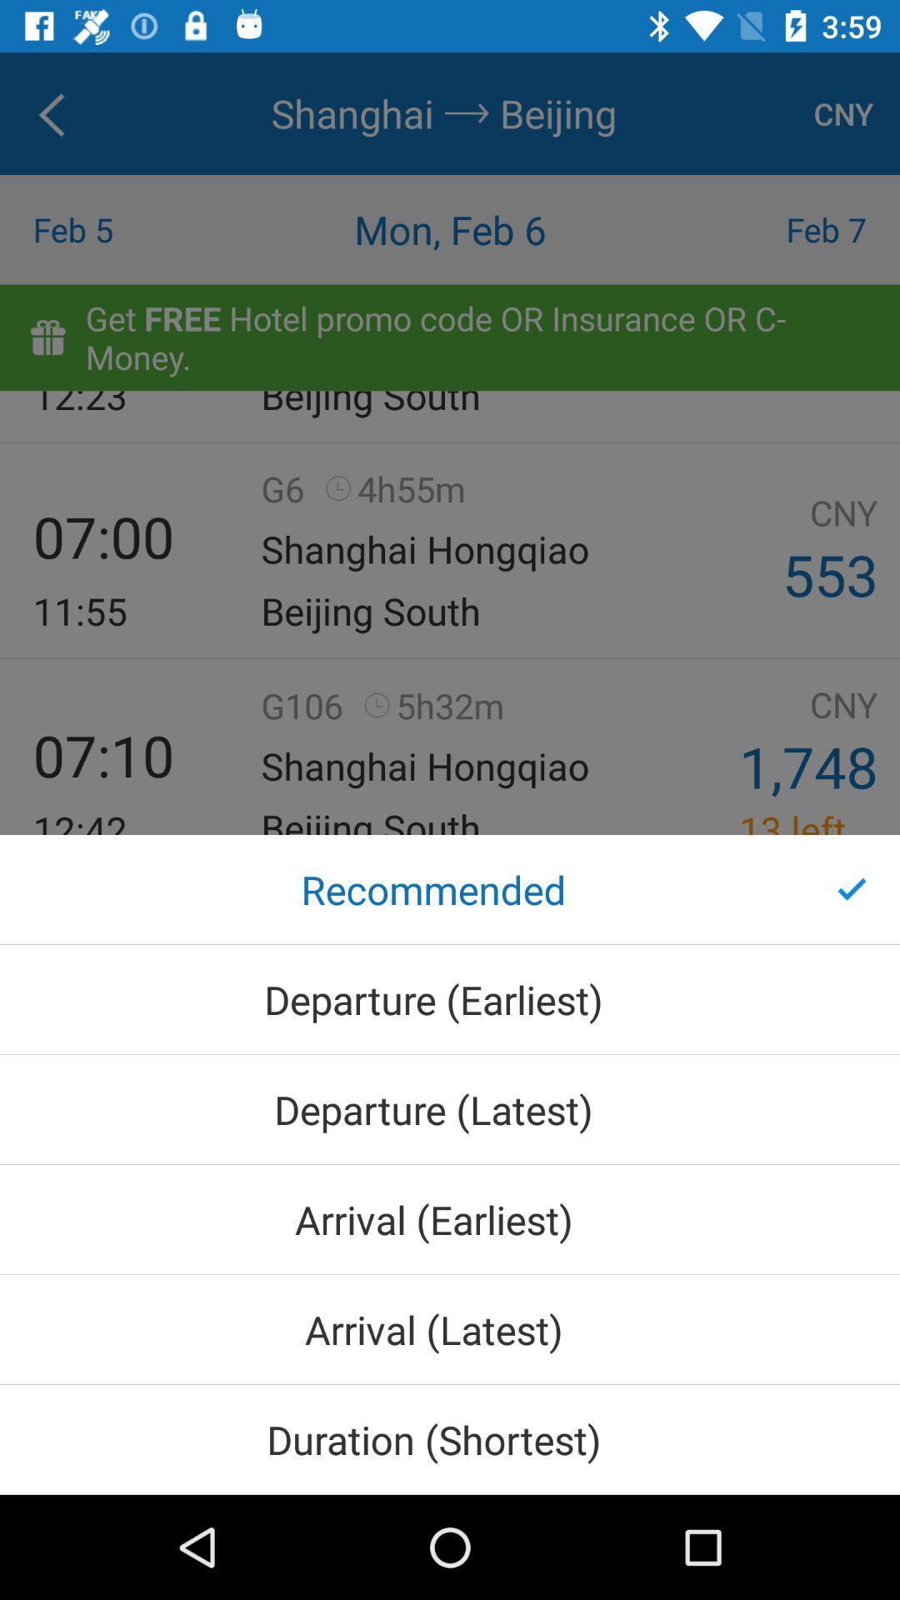 Image resolution: width=900 pixels, height=1600 pixels. I want to click on icon below departure (latest) icon, so click(450, 1219).